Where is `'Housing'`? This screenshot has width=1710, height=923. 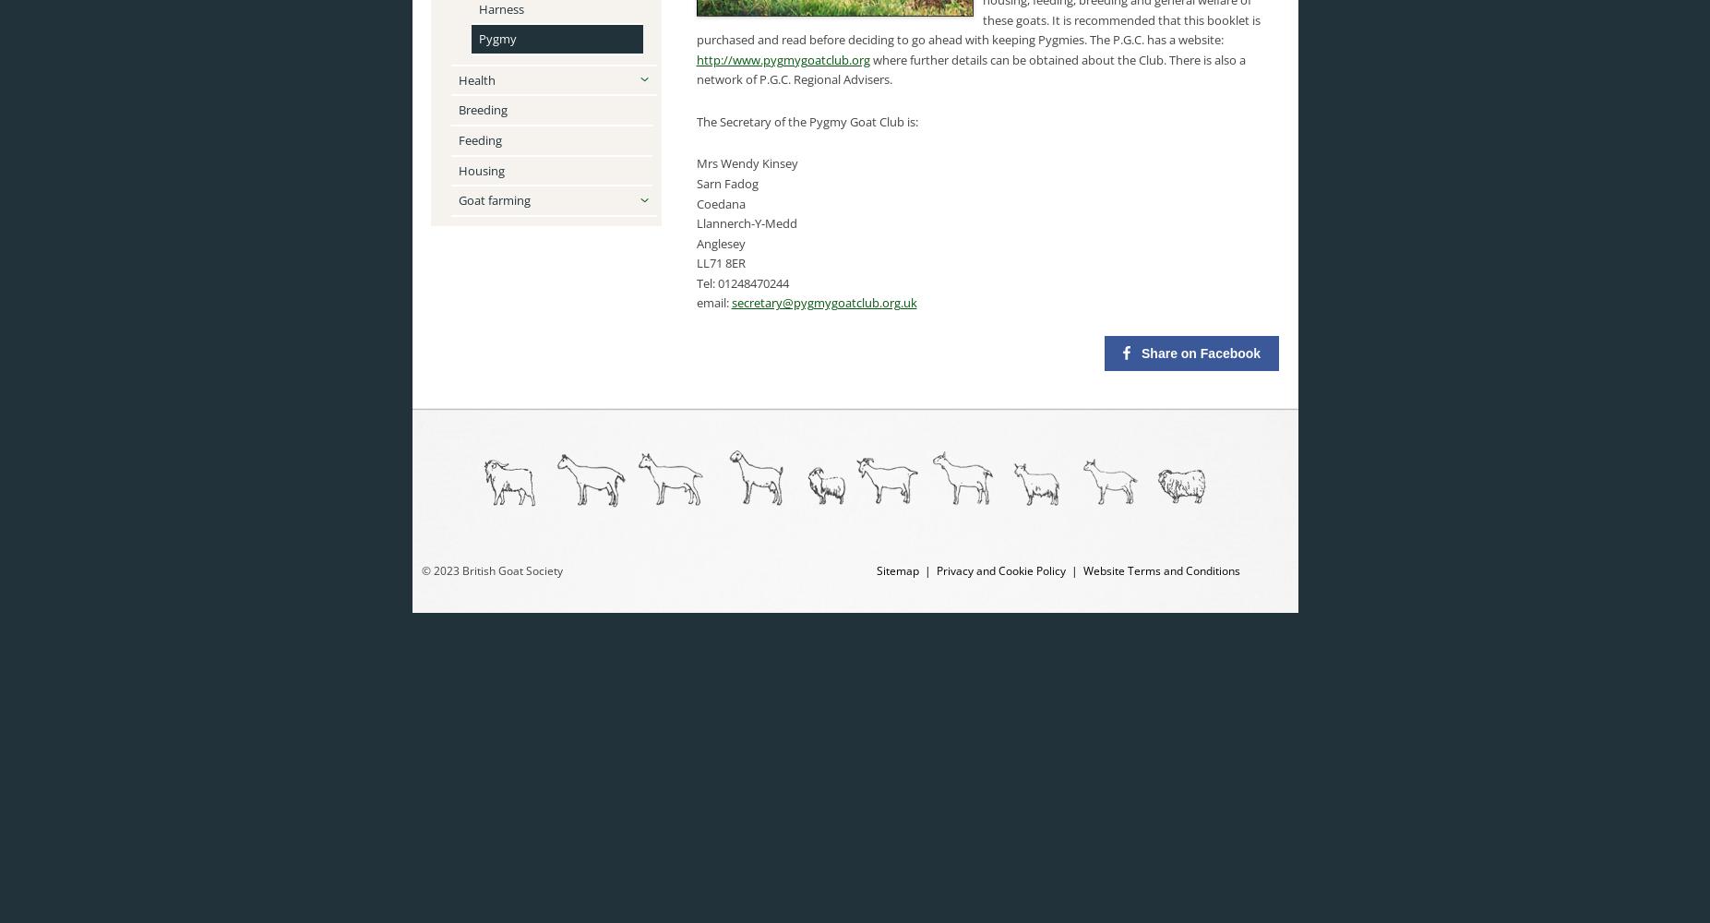 'Housing' is located at coordinates (480, 170).